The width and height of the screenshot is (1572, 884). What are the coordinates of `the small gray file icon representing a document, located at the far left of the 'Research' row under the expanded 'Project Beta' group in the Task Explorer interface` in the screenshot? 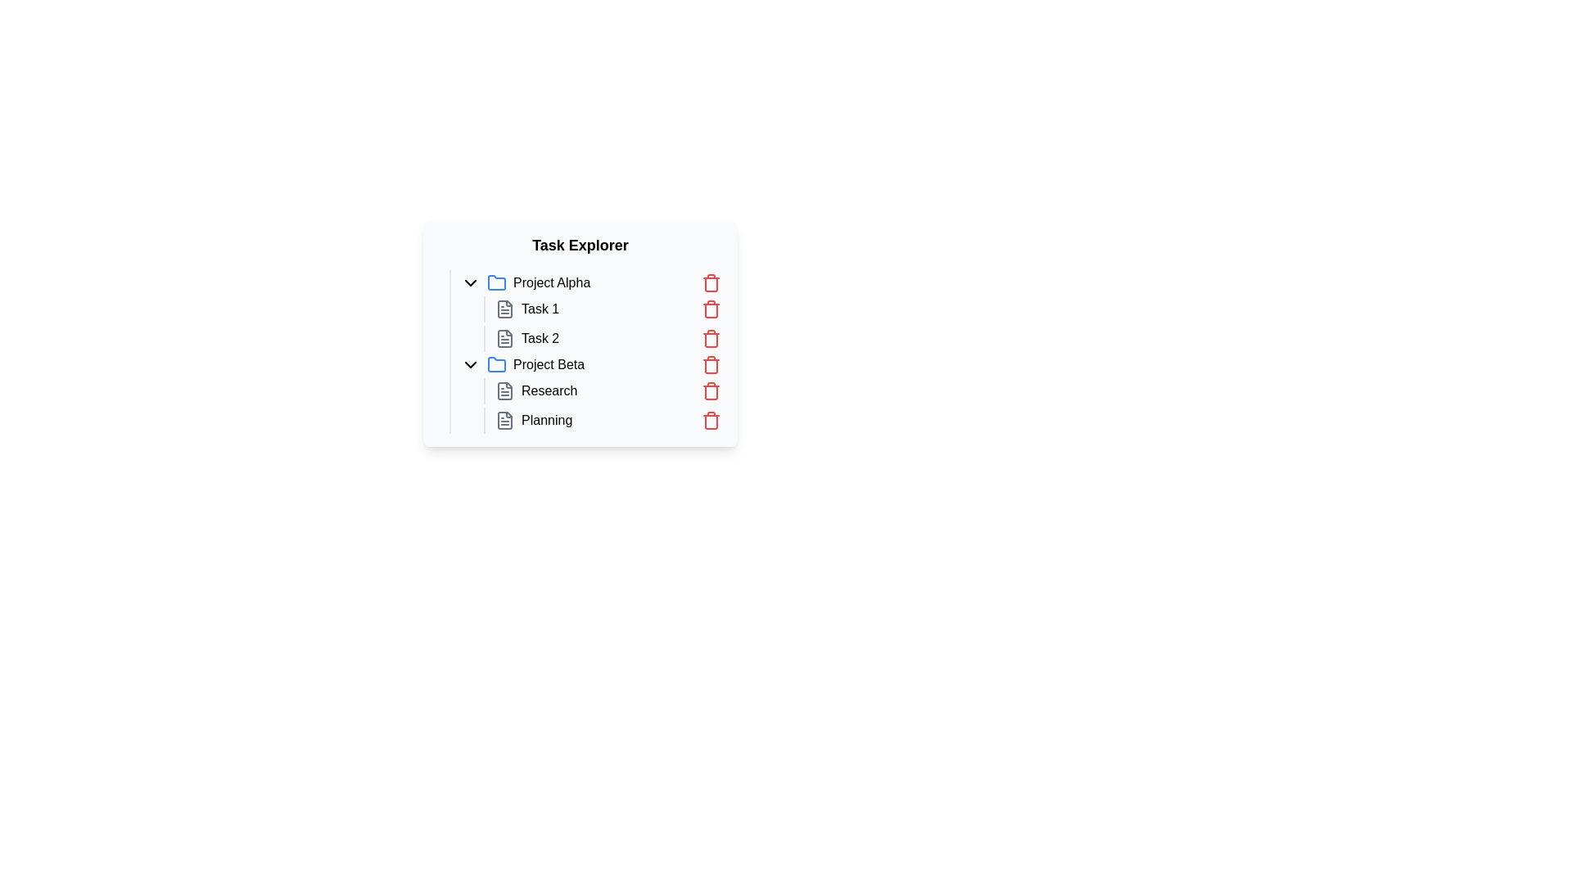 It's located at (504, 391).